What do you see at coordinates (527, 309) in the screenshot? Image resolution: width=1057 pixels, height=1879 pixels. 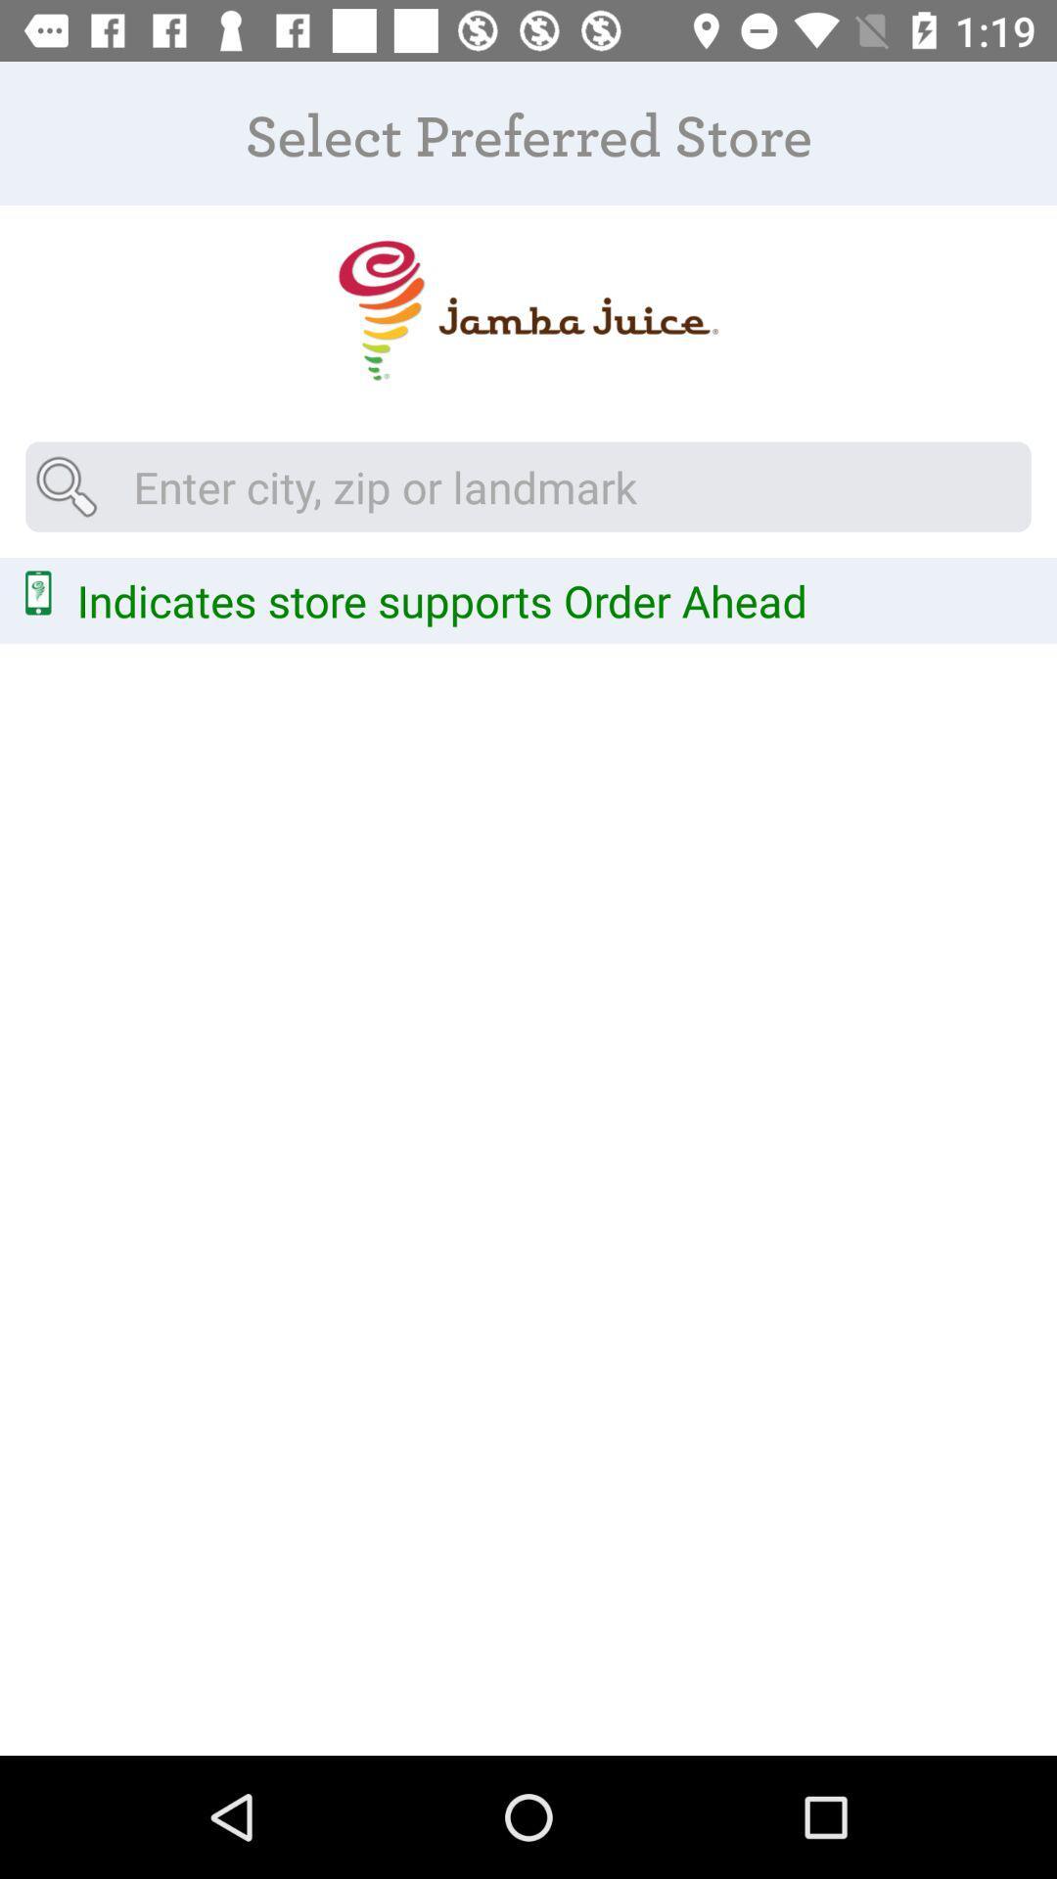 I see `the item below select preferred store` at bounding box center [527, 309].